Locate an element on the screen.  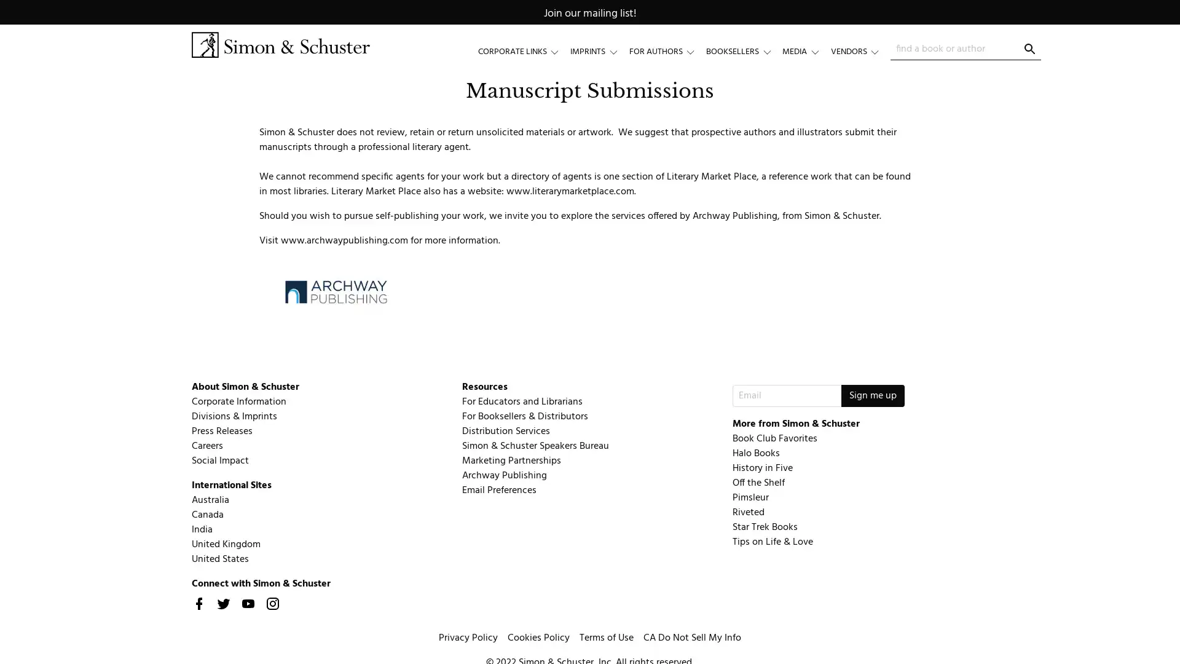
VENDORS is located at coordinates (860, 51).